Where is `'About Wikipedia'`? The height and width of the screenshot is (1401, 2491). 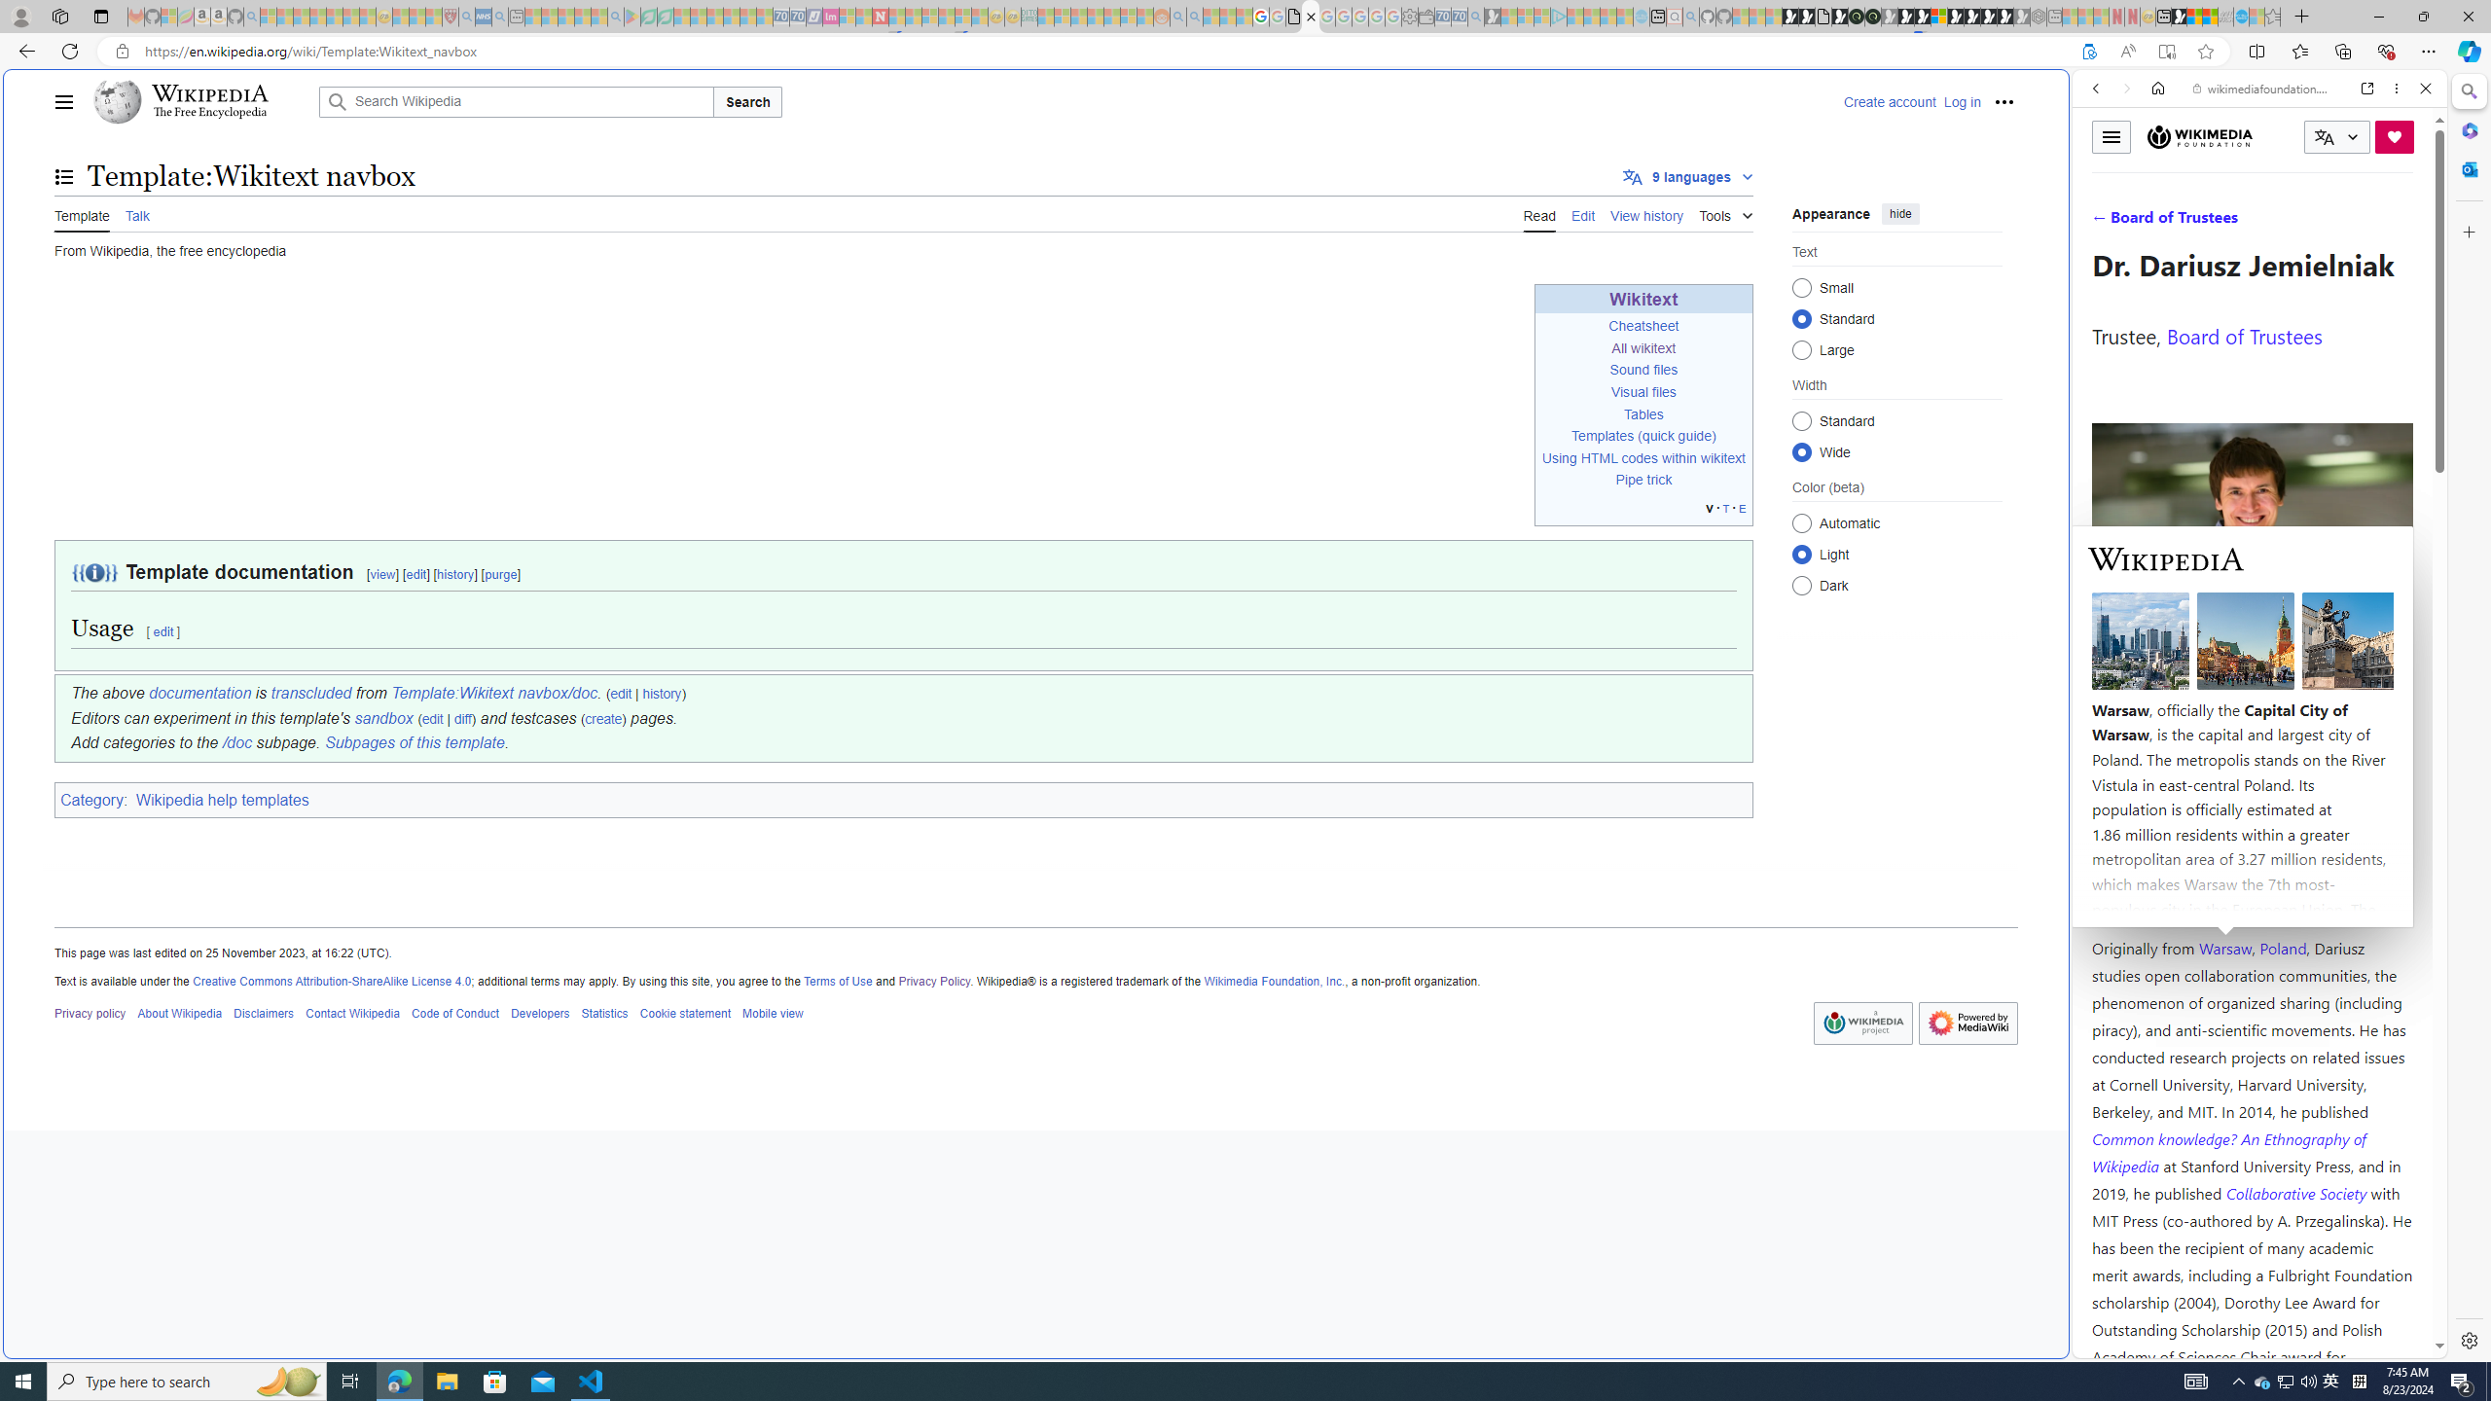 'About Wikipedia' is located at coordinates (178, 1013).